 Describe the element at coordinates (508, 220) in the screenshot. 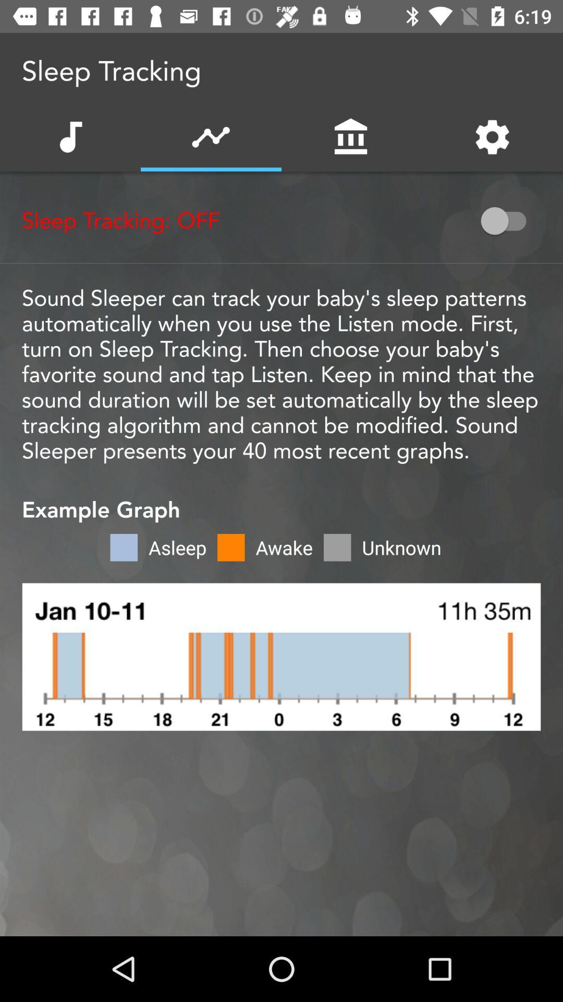

I see `on` at that location.